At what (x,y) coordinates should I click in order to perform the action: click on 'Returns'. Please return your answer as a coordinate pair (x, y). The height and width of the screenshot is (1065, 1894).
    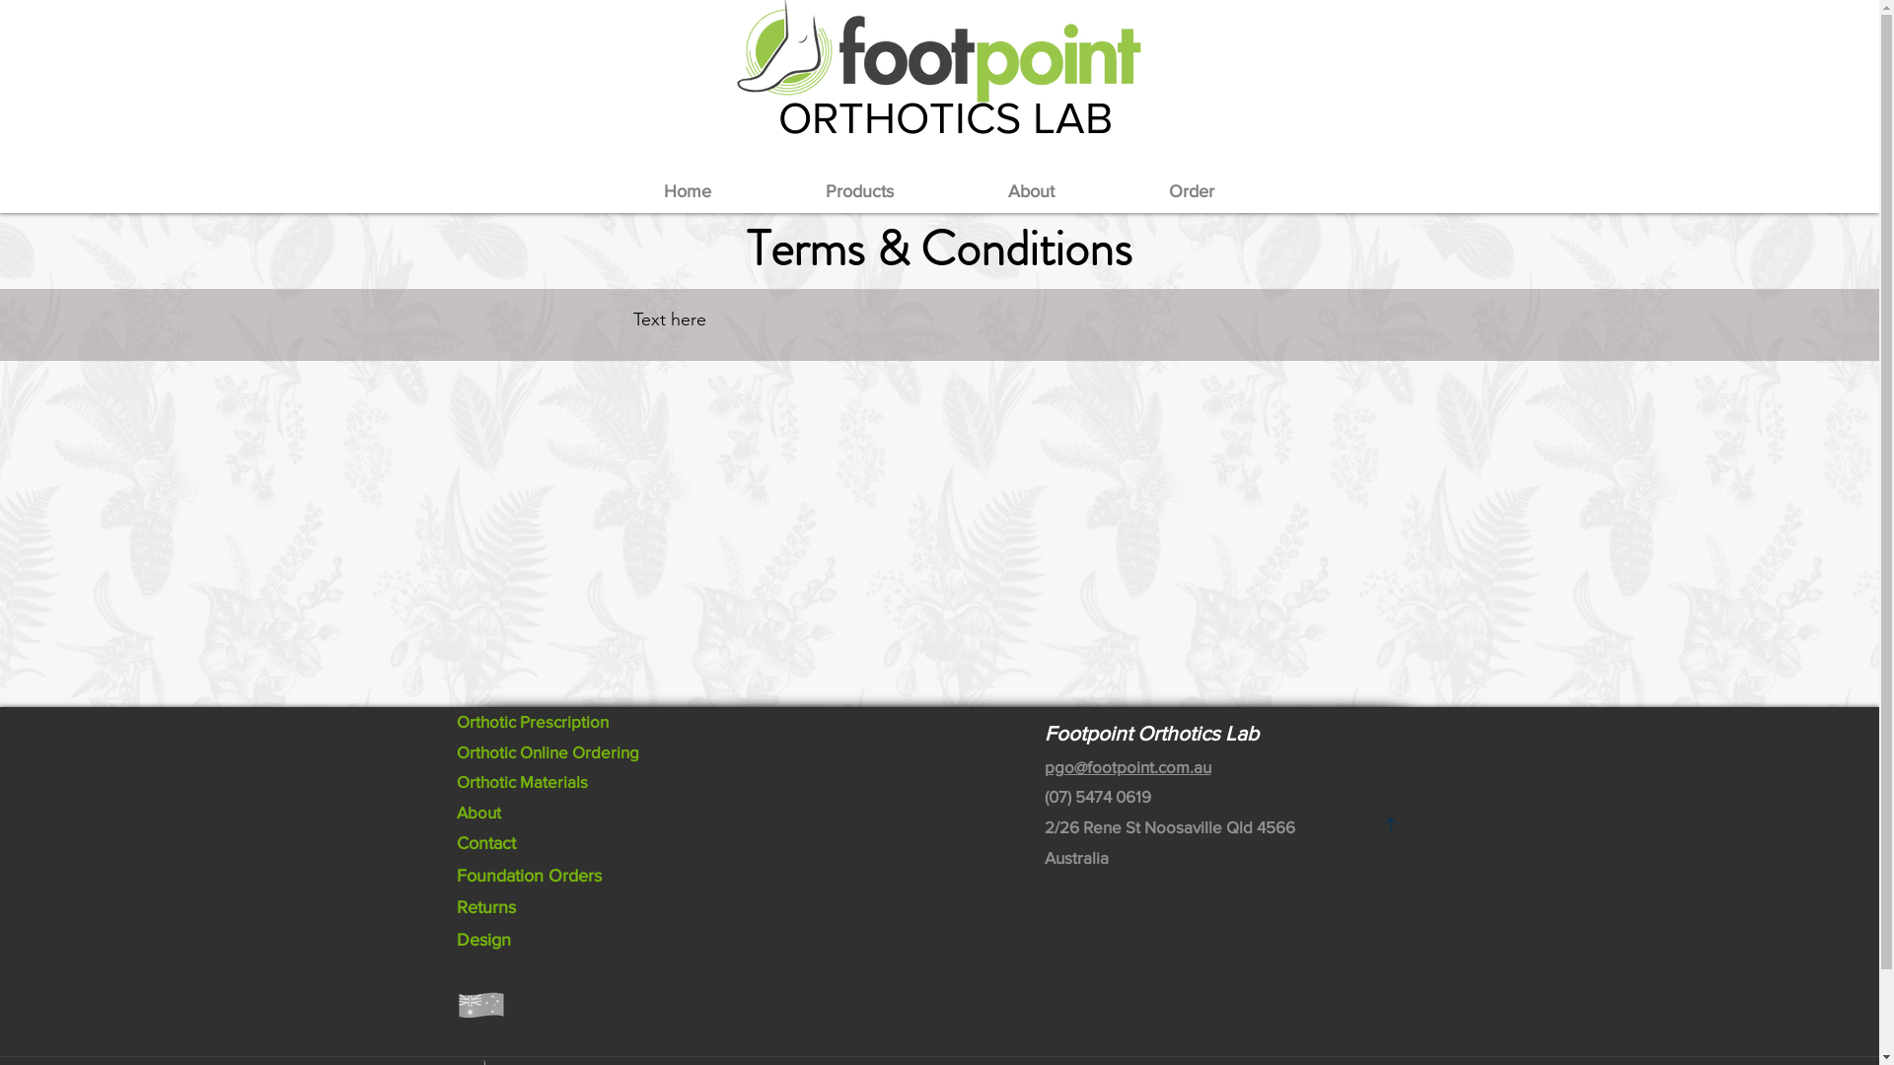
    Looking at the image, I should click on (484, 907).